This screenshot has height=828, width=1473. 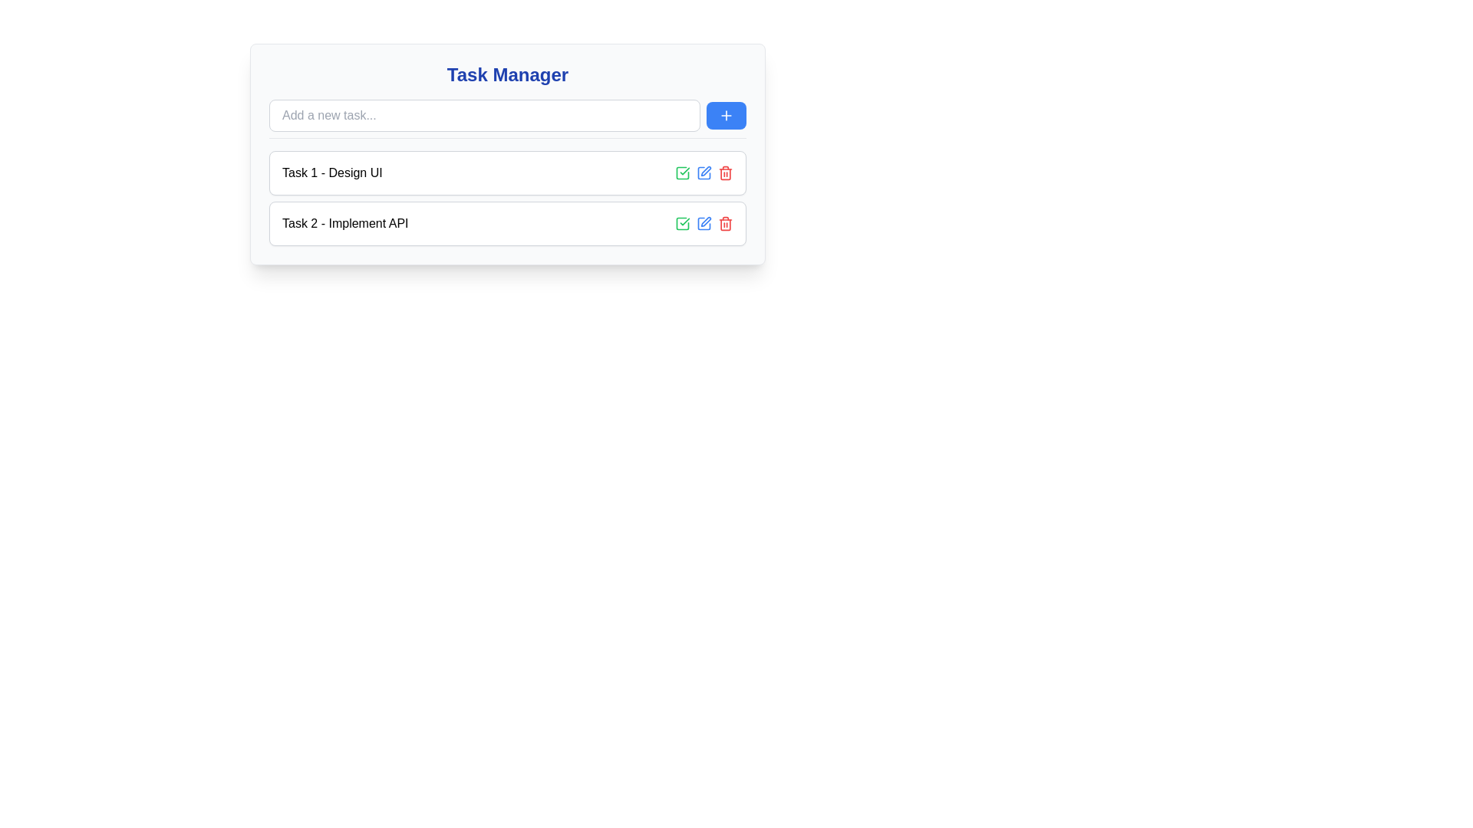 What do you see at coordinates (681, 172) in the screenshot?
I see `the interactive green-themed checkbox for the task 'Task 1 - Design UI'` at bounding box center [681, 172].